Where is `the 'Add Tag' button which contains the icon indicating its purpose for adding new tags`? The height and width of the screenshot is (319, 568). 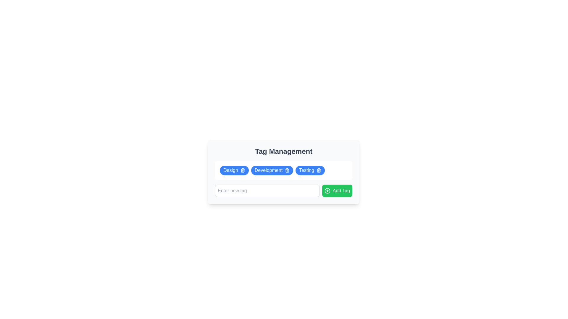 the 'Add Tag' button which contains the icon indicating its purpose for adding new tags is located at coordinates (327, 191).